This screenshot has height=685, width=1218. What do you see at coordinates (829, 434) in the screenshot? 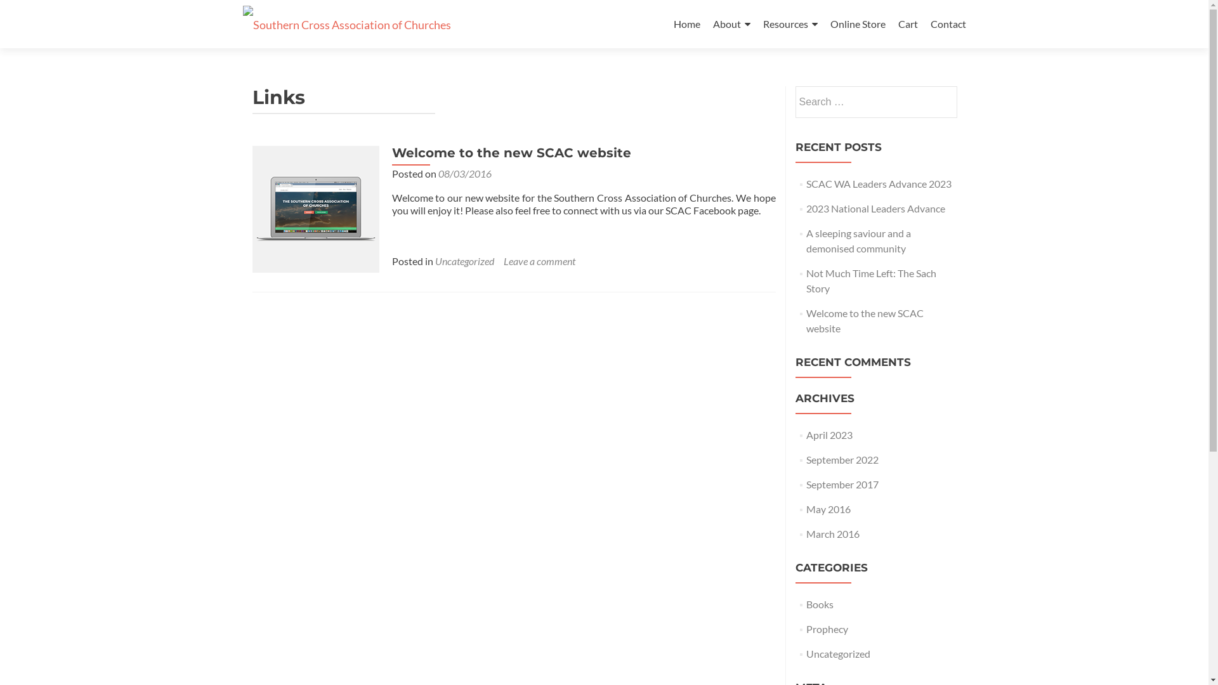
I see `'April 2023'` at bounding box center [829, 434].